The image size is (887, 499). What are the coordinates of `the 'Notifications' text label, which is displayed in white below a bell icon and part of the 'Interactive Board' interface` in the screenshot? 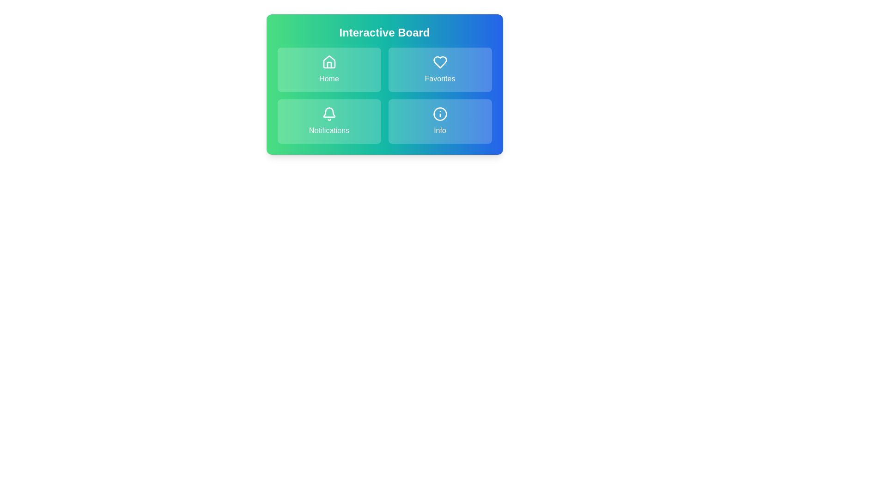 It's located at (329, 130).